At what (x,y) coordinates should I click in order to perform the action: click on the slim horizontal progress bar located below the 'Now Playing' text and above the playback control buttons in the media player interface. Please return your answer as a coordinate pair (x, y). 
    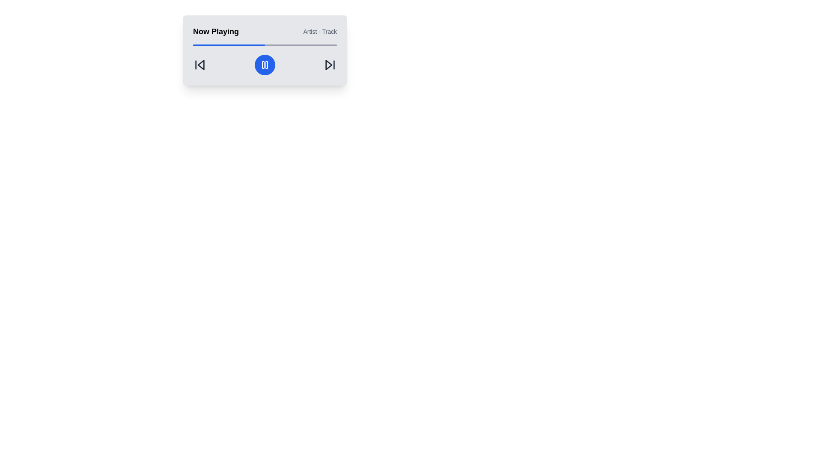
    Looking at the image, I should click on (265, 45).